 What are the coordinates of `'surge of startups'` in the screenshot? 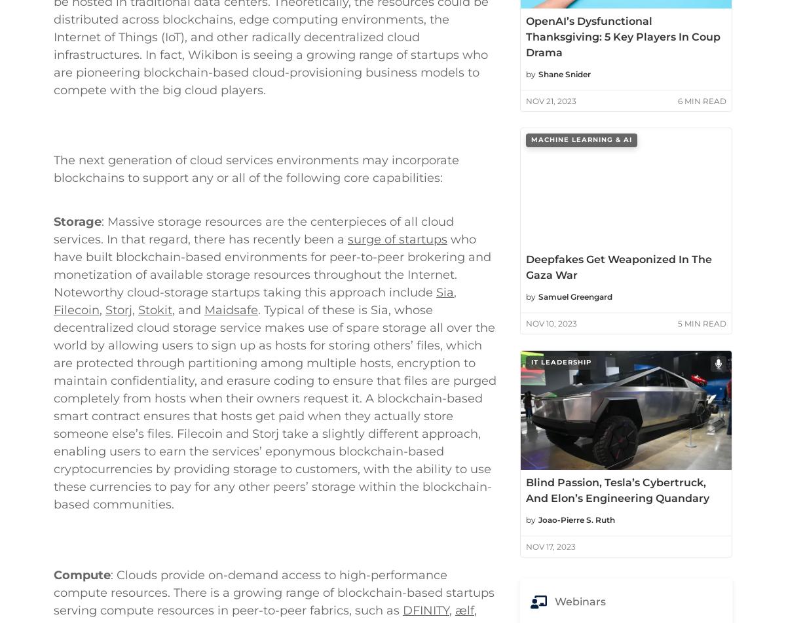 It's located at (397, 365).